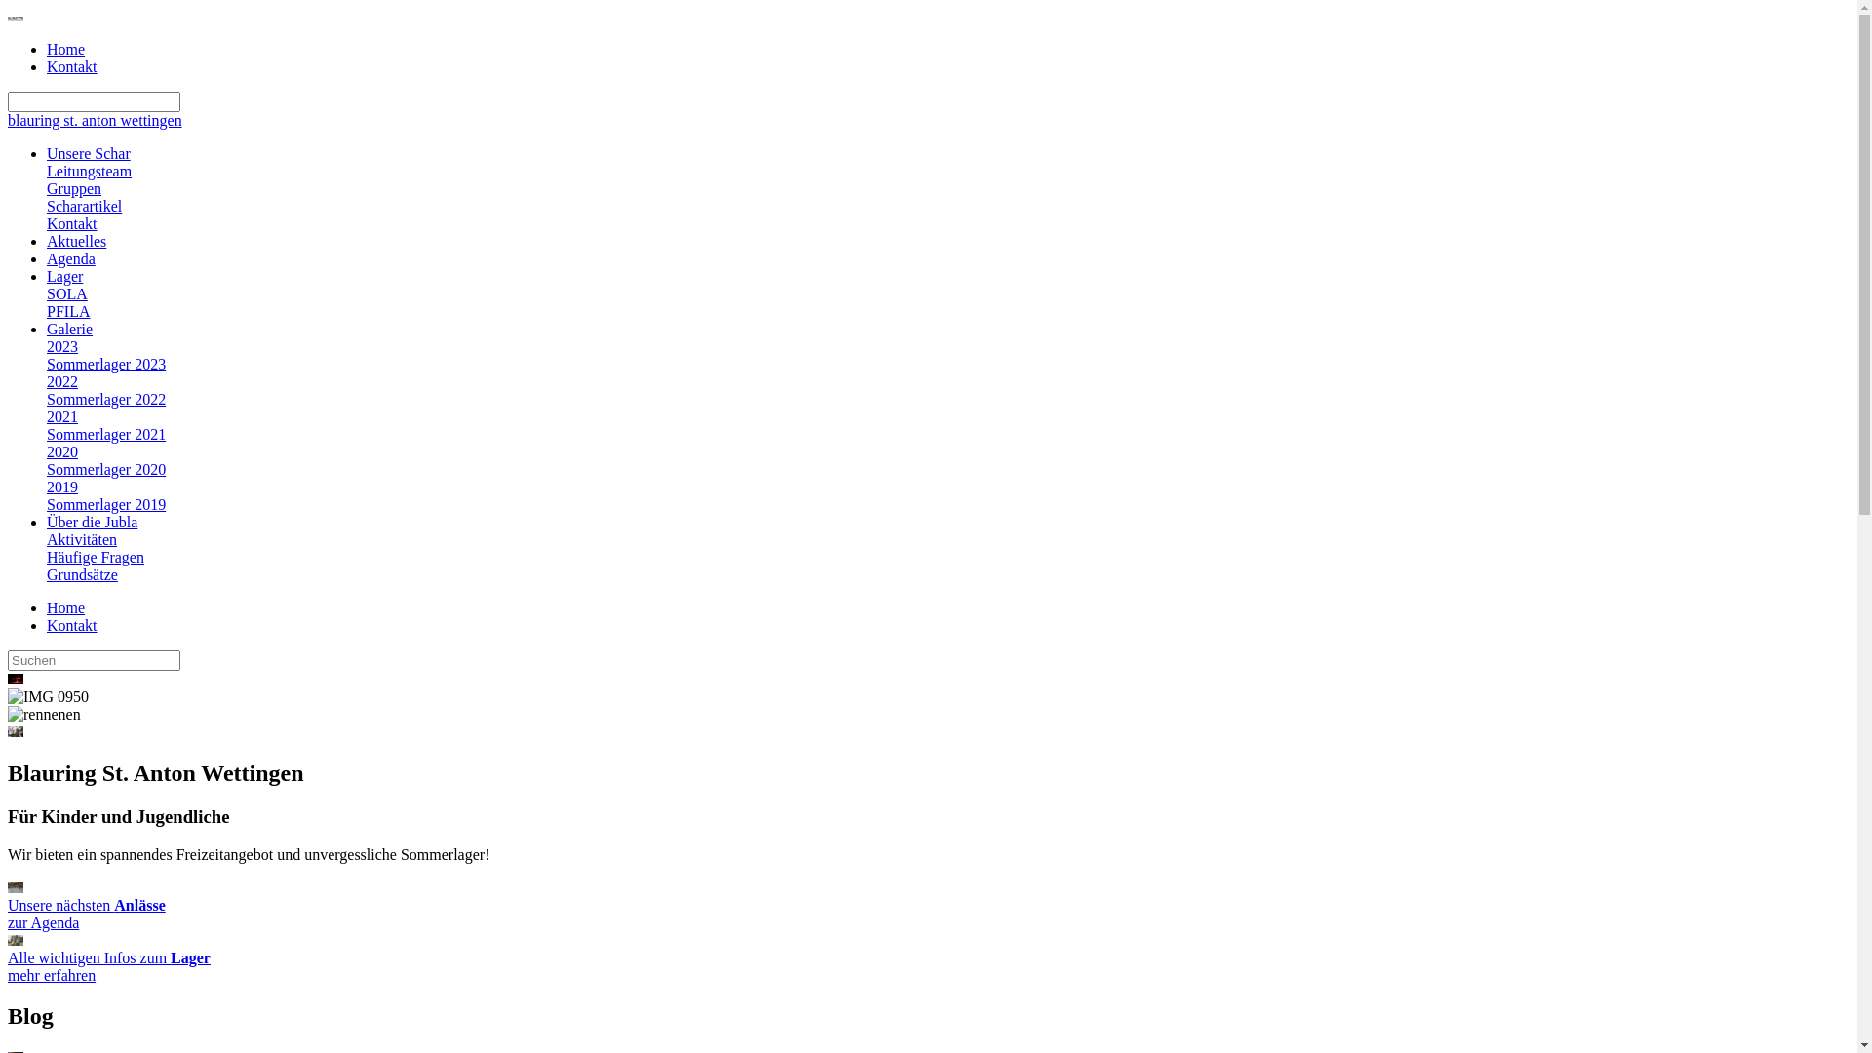  I want to click on 'Sommerlager 2019', so click(105, 503).